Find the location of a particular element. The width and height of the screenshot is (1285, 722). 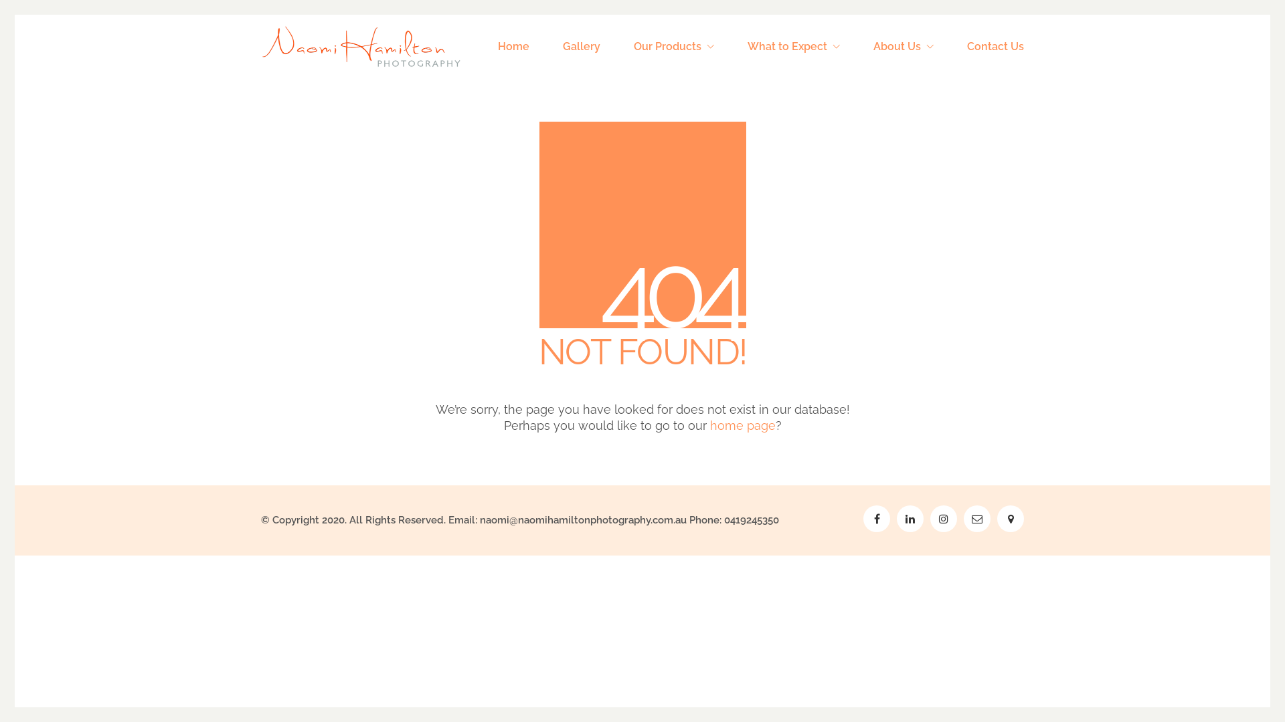

'Instagram' is located at coordinates (943, 517).